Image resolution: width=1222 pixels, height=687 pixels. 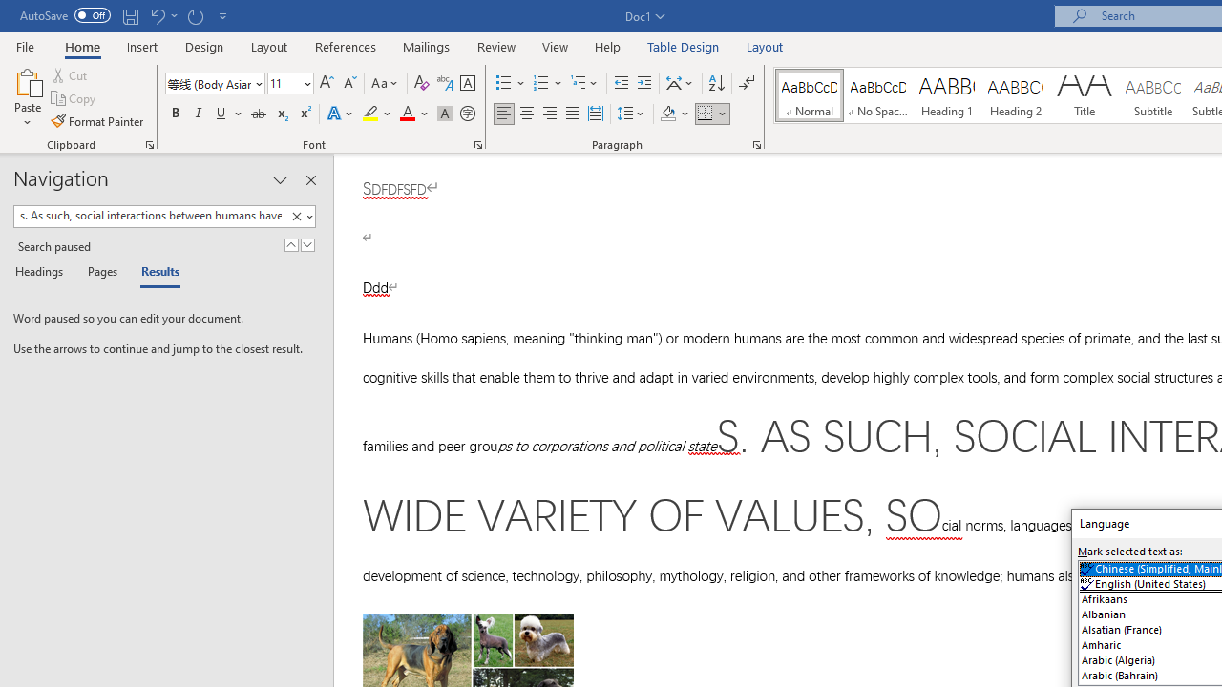 What do you see at coordinates (406, 114) in the screenshot?
I see `'Font Color RGB(255, 0, 0)'` at bounding box center [406, 114].